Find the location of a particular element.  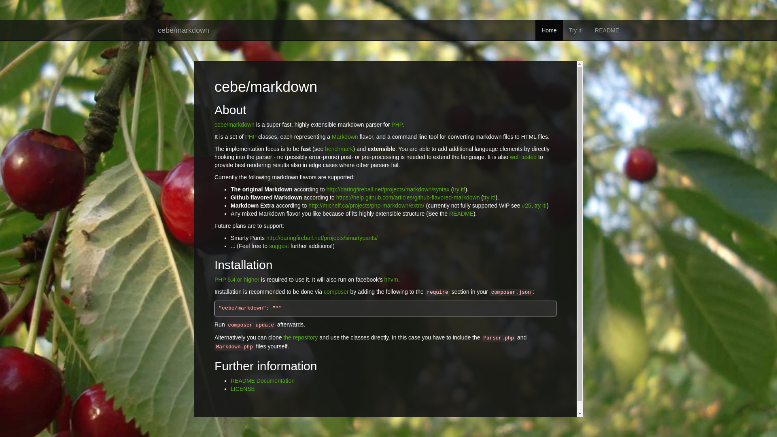

'the repository' is located at coordinates (300, 337).